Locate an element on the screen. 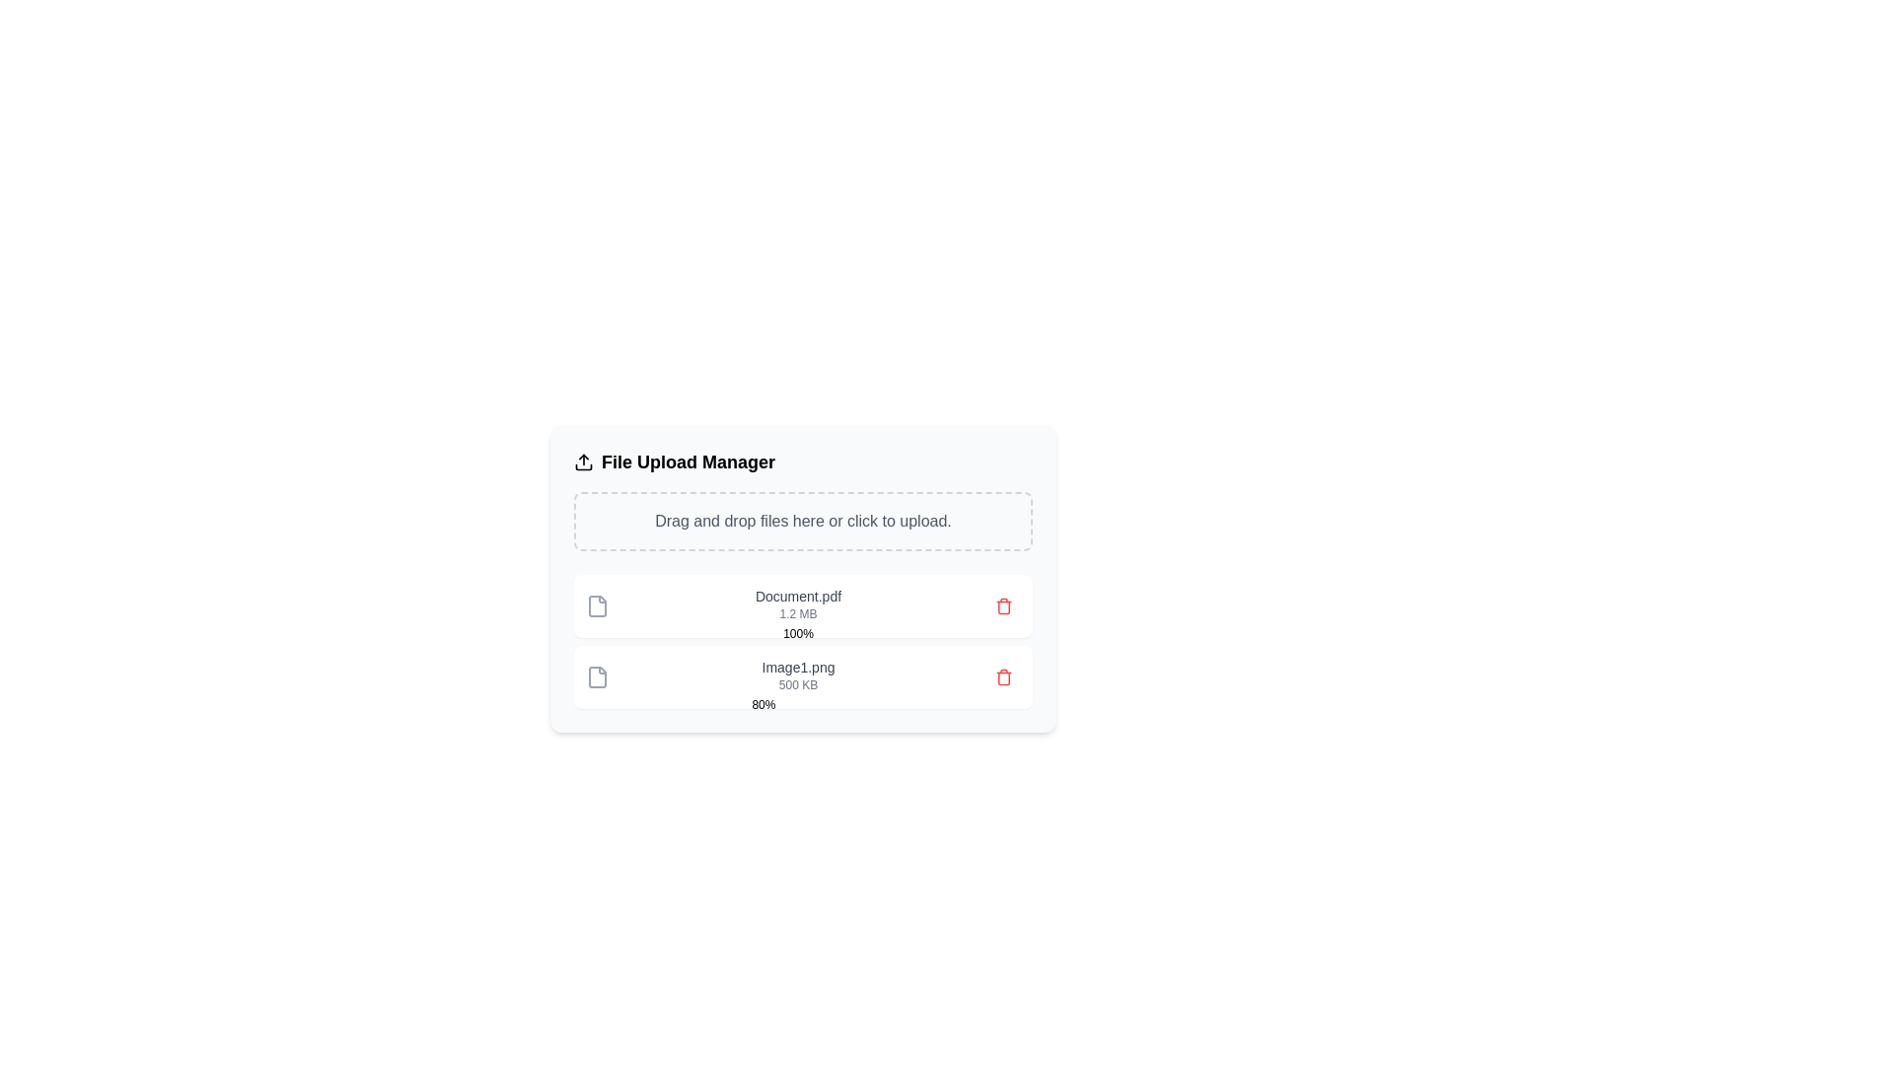  the text label displaying '500 KB', which is located below the filename 'Image1.png' and above the progress bar in the file upload manager interface is located at coordinates (798, 683).